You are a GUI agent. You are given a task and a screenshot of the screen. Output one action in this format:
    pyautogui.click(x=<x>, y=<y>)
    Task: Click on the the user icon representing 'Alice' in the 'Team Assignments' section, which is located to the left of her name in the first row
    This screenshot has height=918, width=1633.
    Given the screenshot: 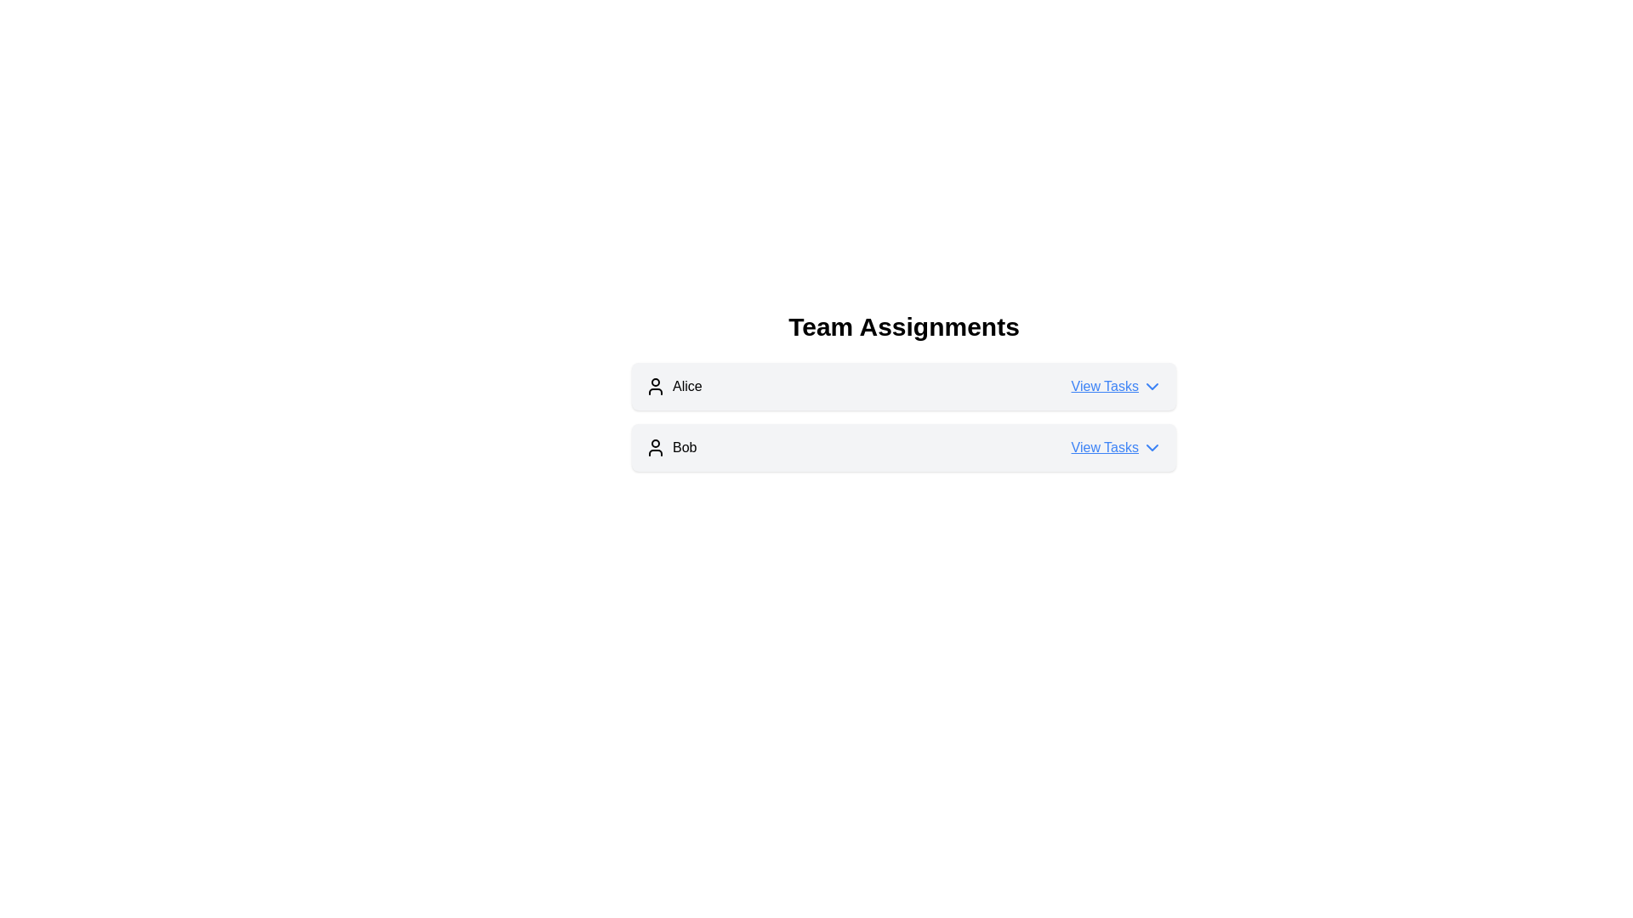 What is the action you would take?
    pyautogui.click(x=655, y=387)
    